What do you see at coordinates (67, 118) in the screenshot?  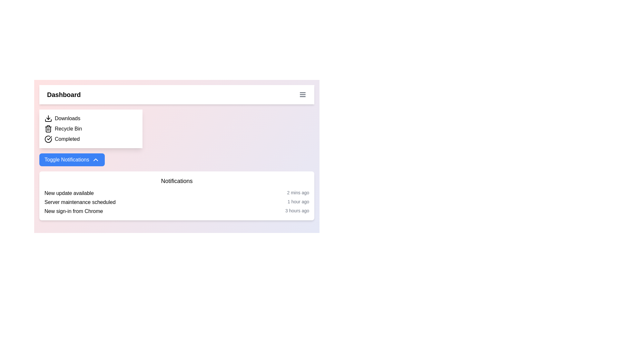 I see `the 'Downloads' text label, which is styled in a standard sans-serif typeface and located next to a downward arrow icon, situated below the 'Dashboard' heading in a vertical list of options` at bounding box center [67, 118].